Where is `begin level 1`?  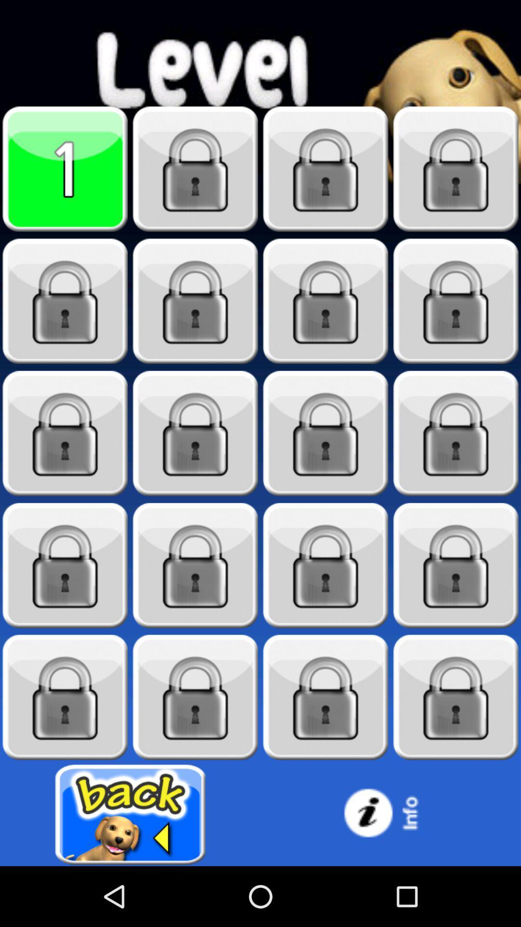
begin level 1 is located at coordinates (65, 169).